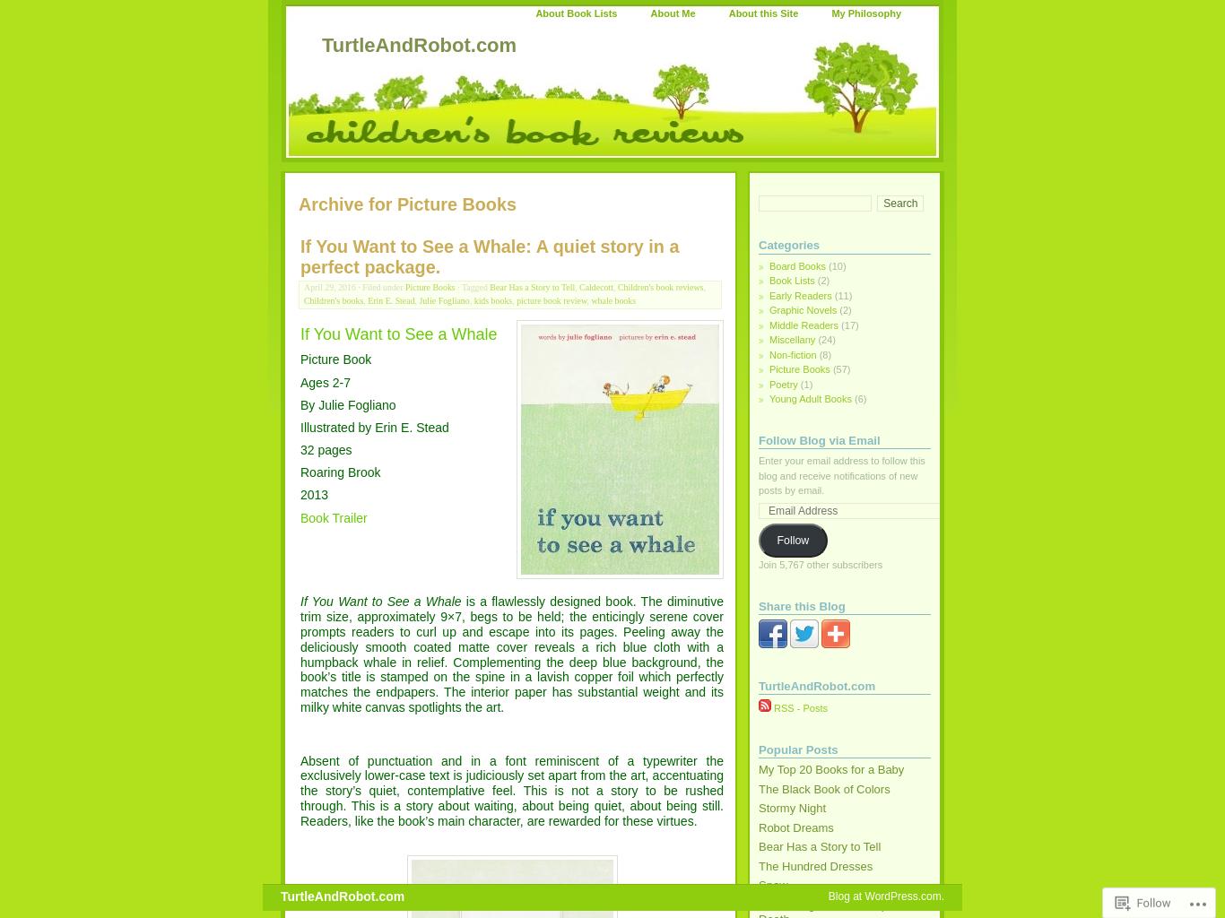 This screenshot has width=1225, height=918. Describe the element at coordinates (373, 425) in the screenshot. I see `'Illustrated by Erin E. Stead'` at that location.